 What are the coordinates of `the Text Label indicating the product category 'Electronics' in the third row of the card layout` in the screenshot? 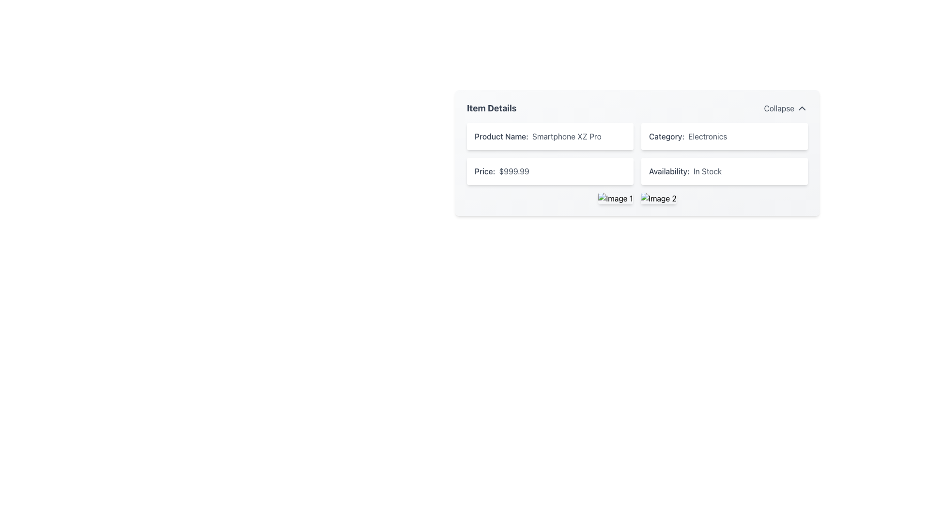 It's located at (666, 136).